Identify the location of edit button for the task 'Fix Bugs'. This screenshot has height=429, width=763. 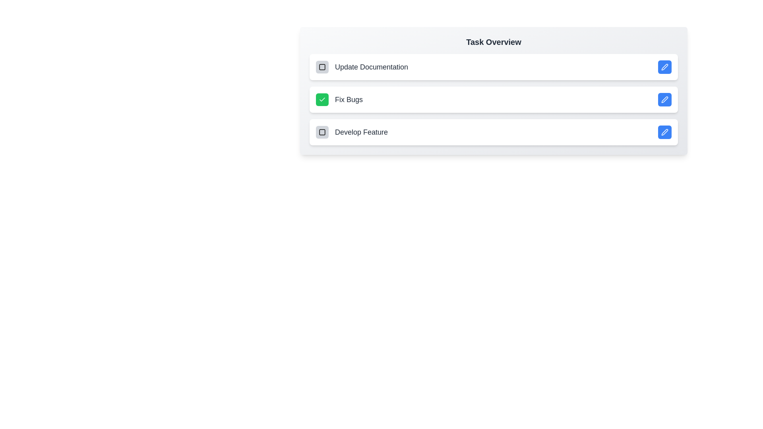
(665, 99).